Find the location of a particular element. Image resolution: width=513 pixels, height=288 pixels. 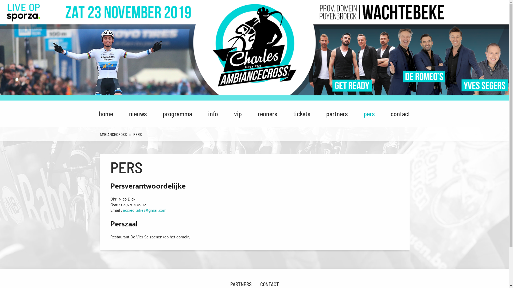

'accreditaties@gmail.com' is located at coordinates (145, 209).